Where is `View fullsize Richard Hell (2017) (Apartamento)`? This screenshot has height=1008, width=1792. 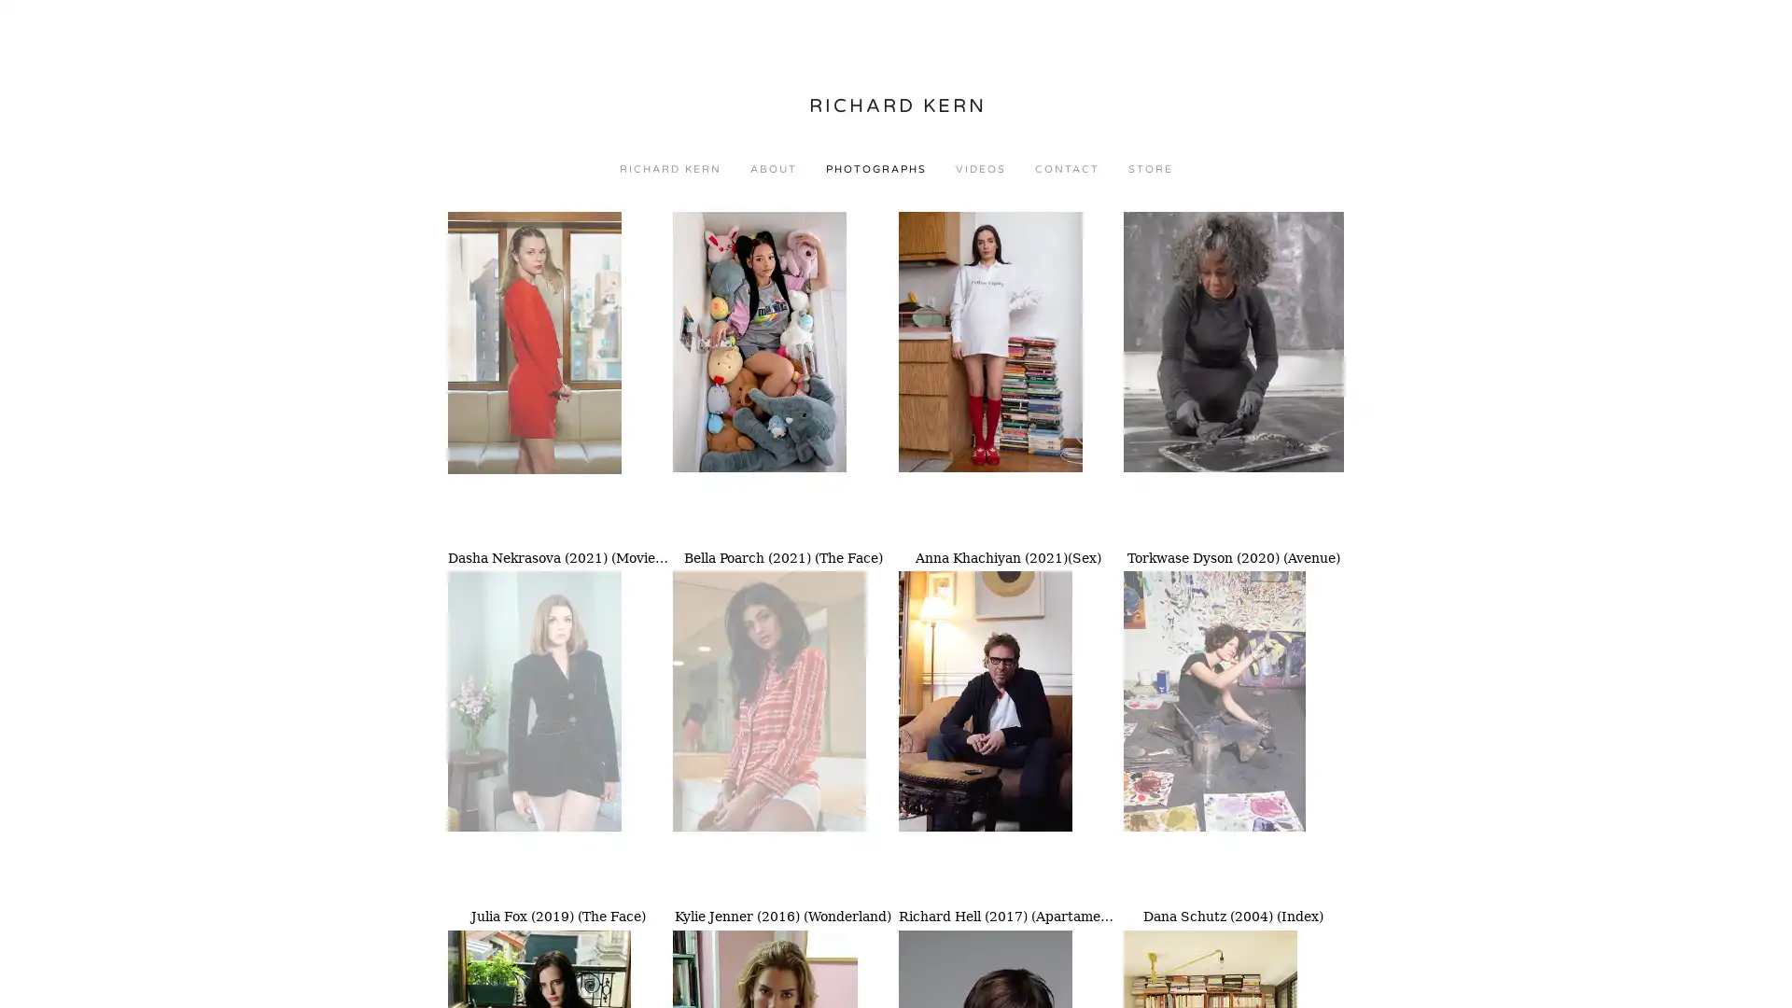
View fullsize Richard Hell (2017) (Apartamento) is located at coordinates (1007, 735).